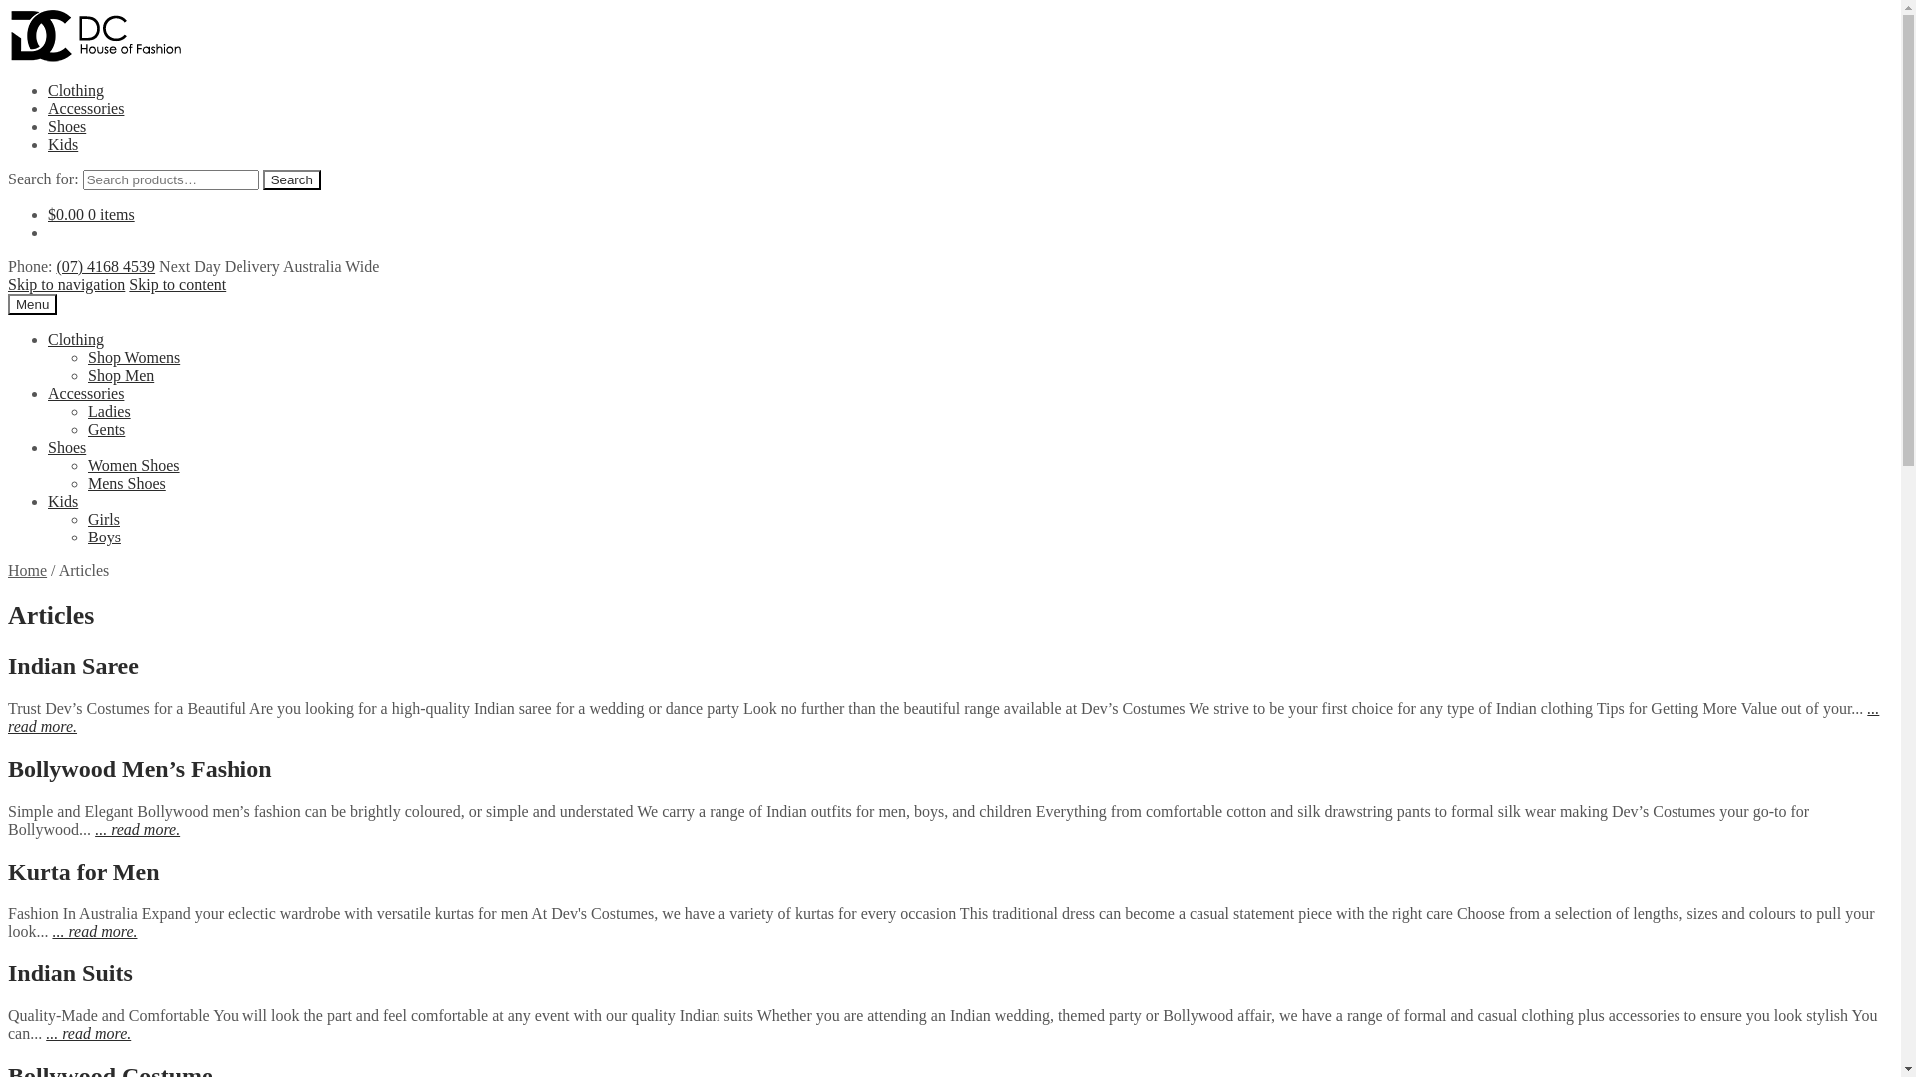 Image resolution: width=1916 pixels, height=1077 pixels. Describe the element at coordinates (103, 518) in the screenshot. I see `'Girls'` at that location.